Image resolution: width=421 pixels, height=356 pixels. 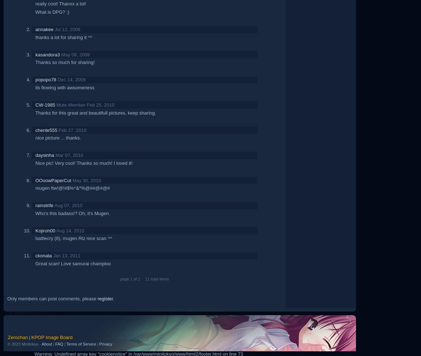 I want to click on 'popopo78', so click(x=46, y=79).